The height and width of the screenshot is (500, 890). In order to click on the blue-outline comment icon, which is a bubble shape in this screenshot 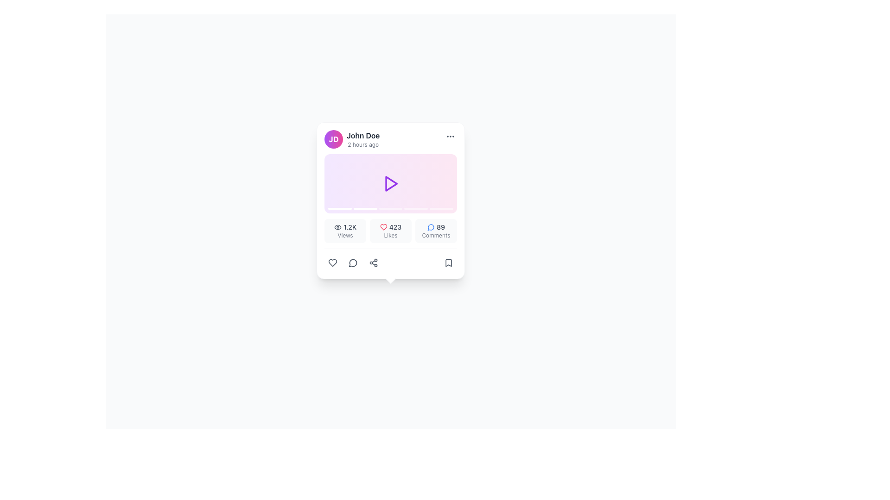, I will do `click(431, 227)`.